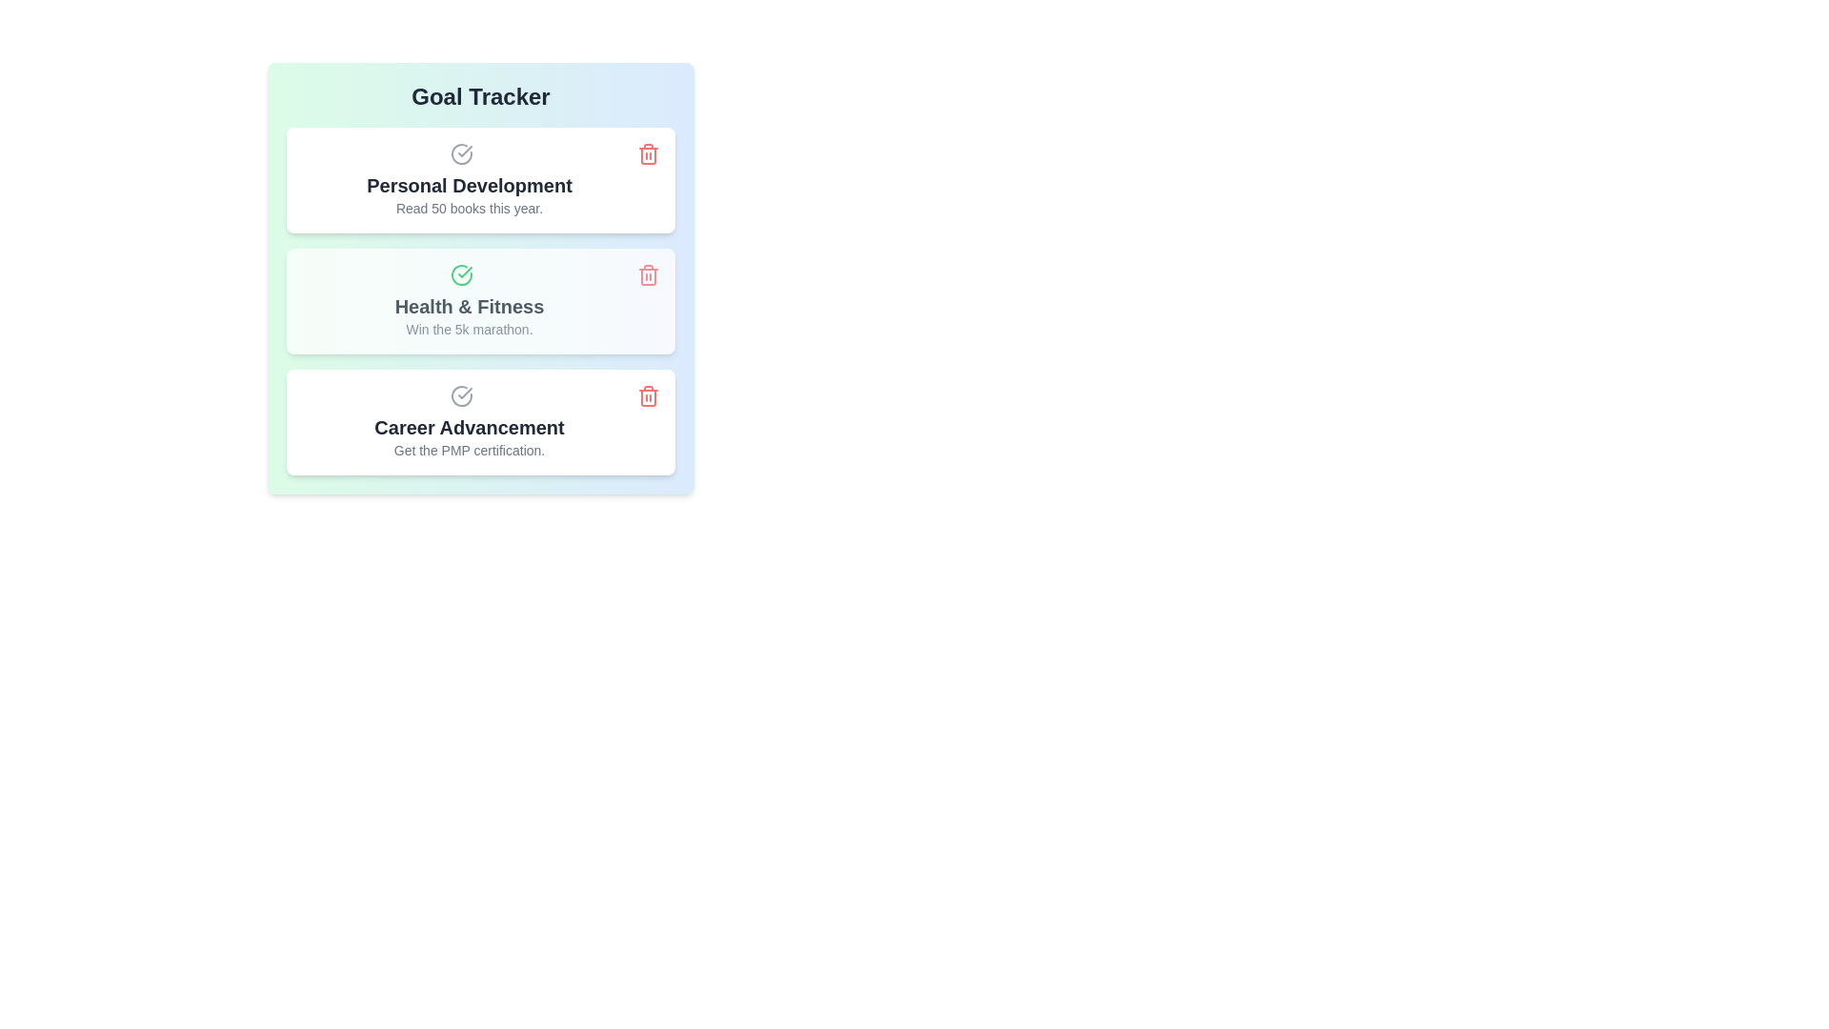 The height and width of the screenshot is (1029, 1829). What do you see at coordinates (649, 153) in the screenshot?
I see `the delete button for the goal titled 'Personal Development'` at bounding box center [649, 153].